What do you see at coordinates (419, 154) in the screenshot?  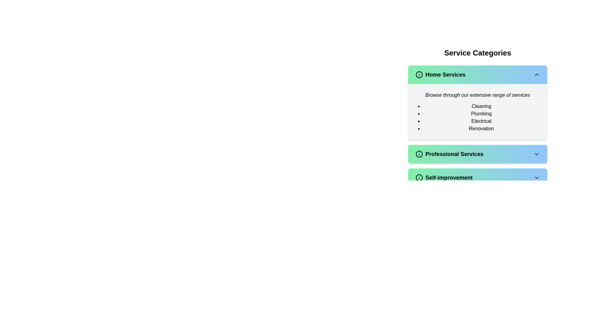 I see `the informational icon located to the left of the 'Professional Services' title in the second section of the service categories, which has a green-to-blue gradient header` at bounding box center [419, 154].